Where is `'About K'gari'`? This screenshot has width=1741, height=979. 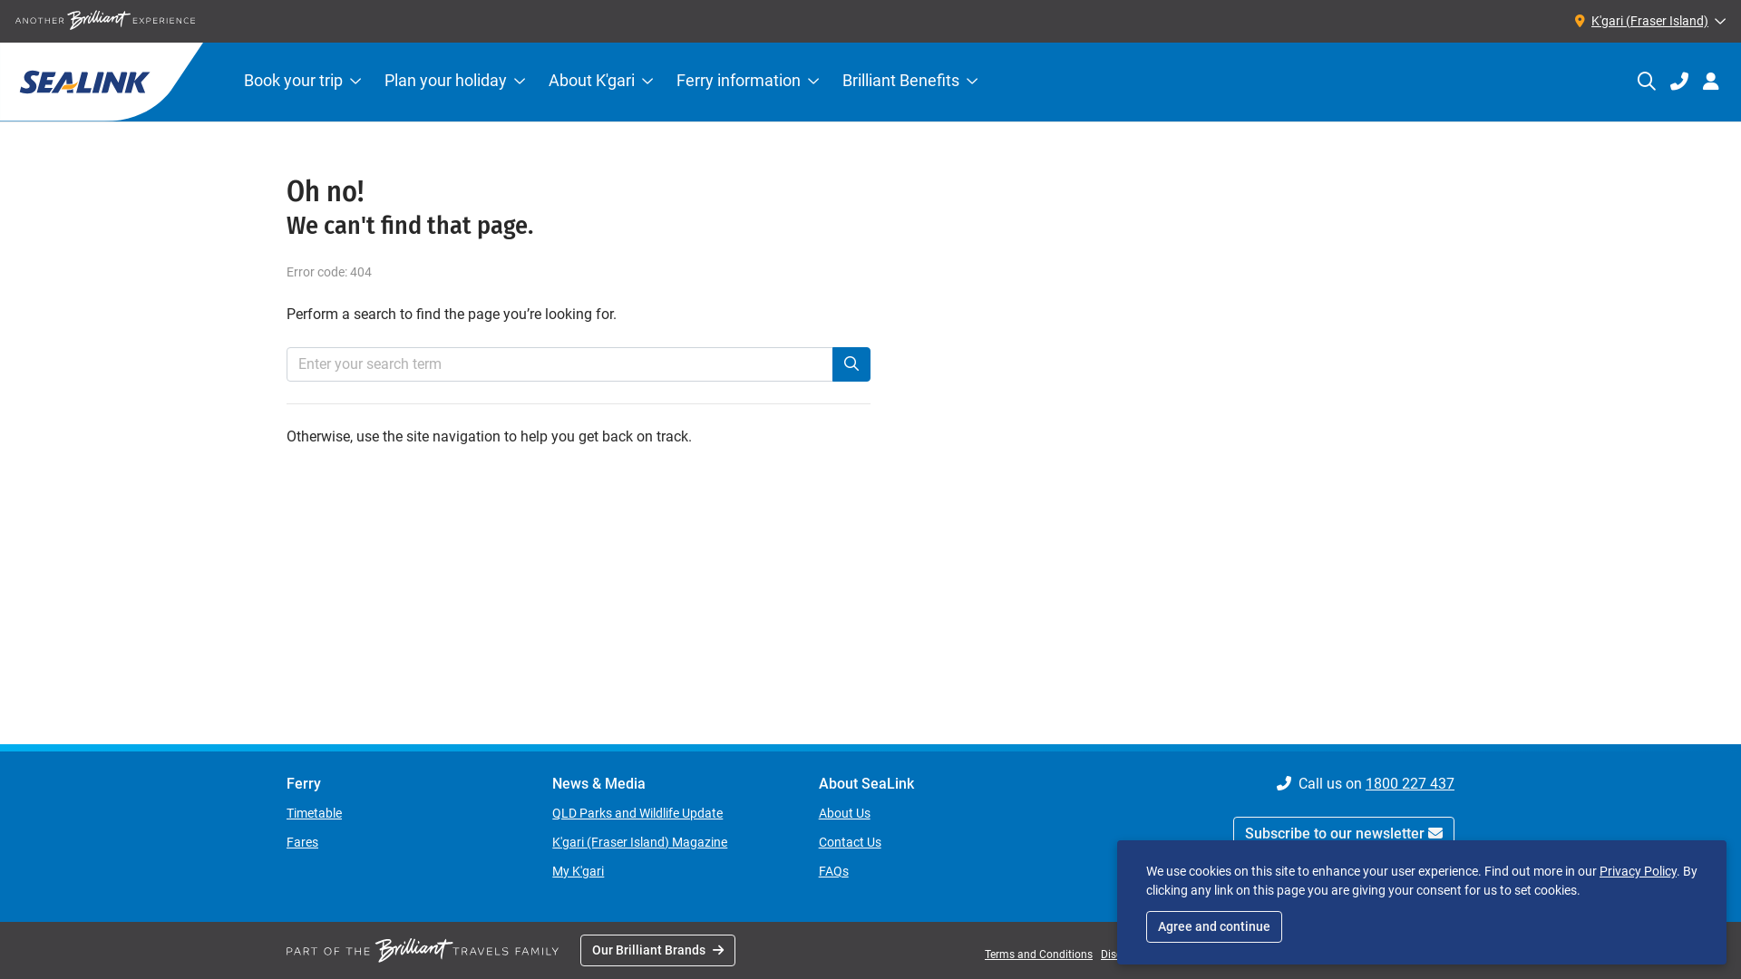 'About K'gari' is located at coordinates (600, 82).